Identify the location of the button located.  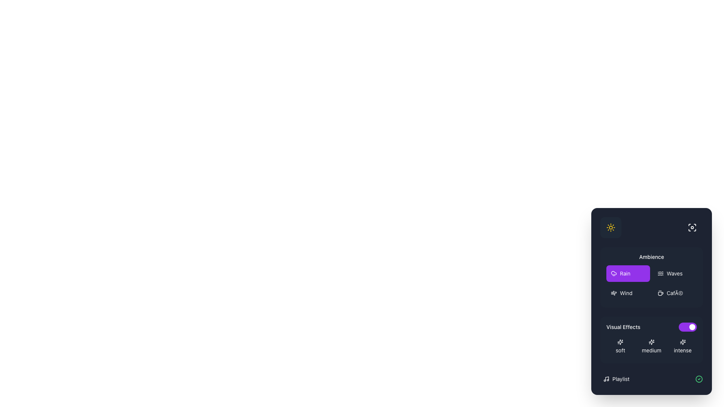
(692, 227).